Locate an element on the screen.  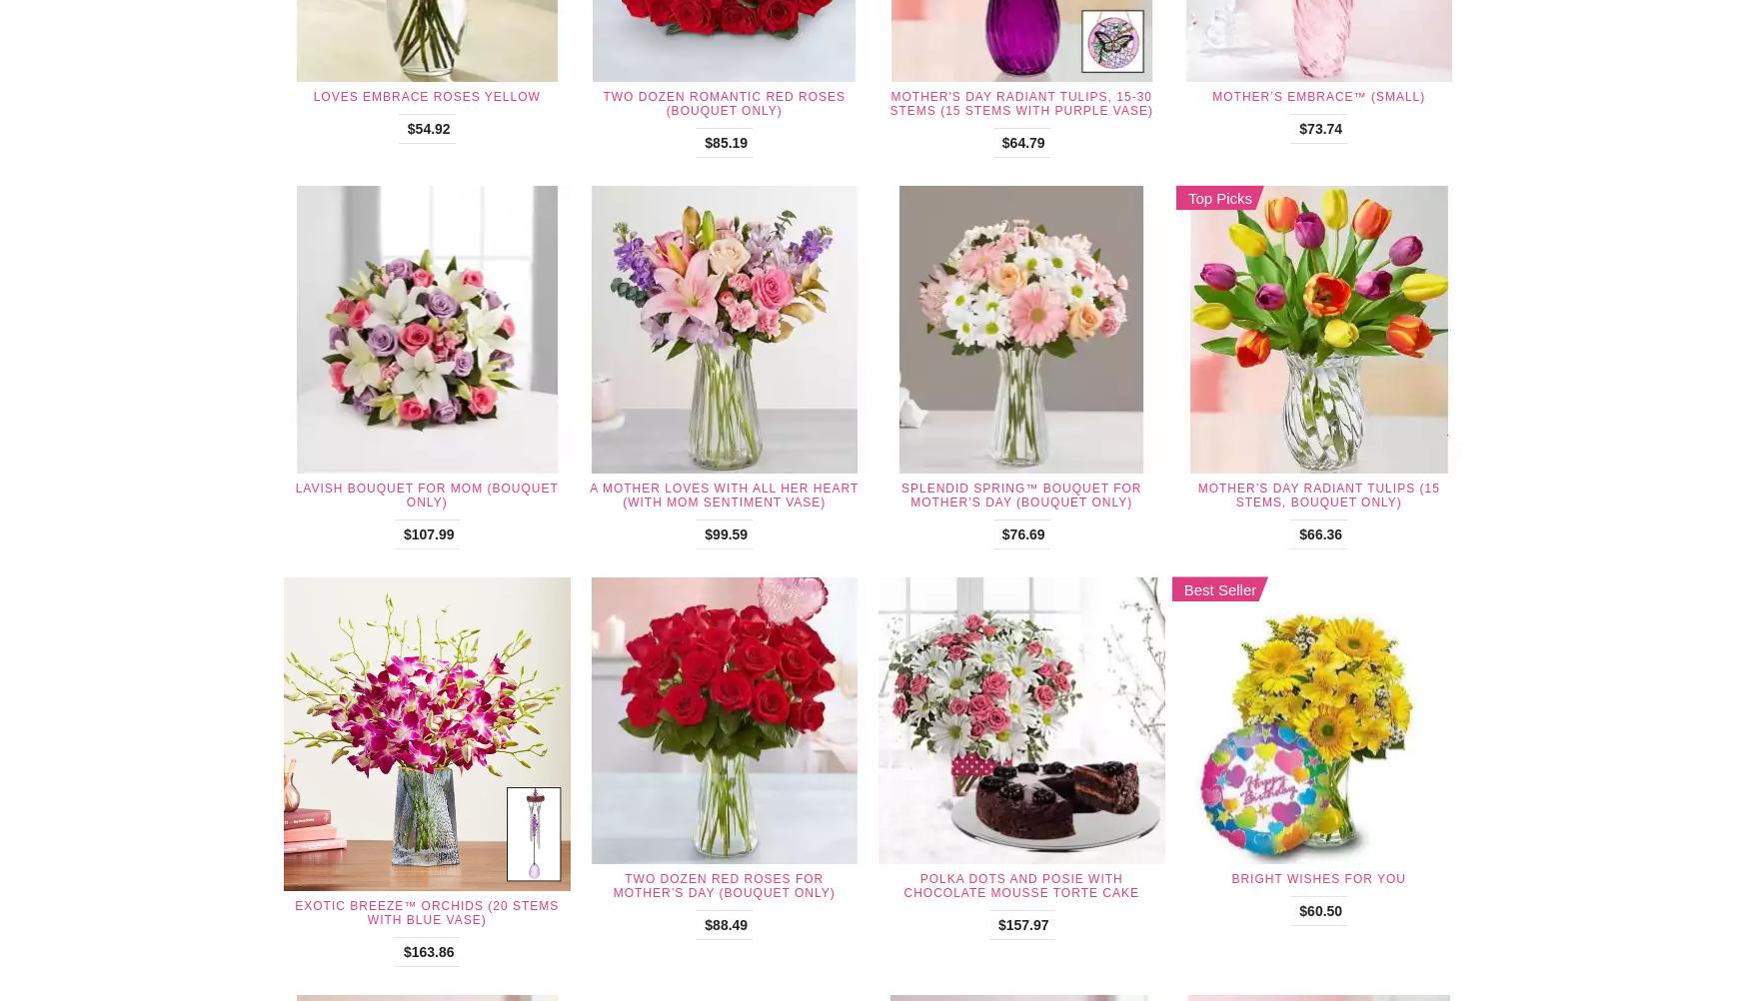
'$66.36' is located at coordinates (1320, 532).